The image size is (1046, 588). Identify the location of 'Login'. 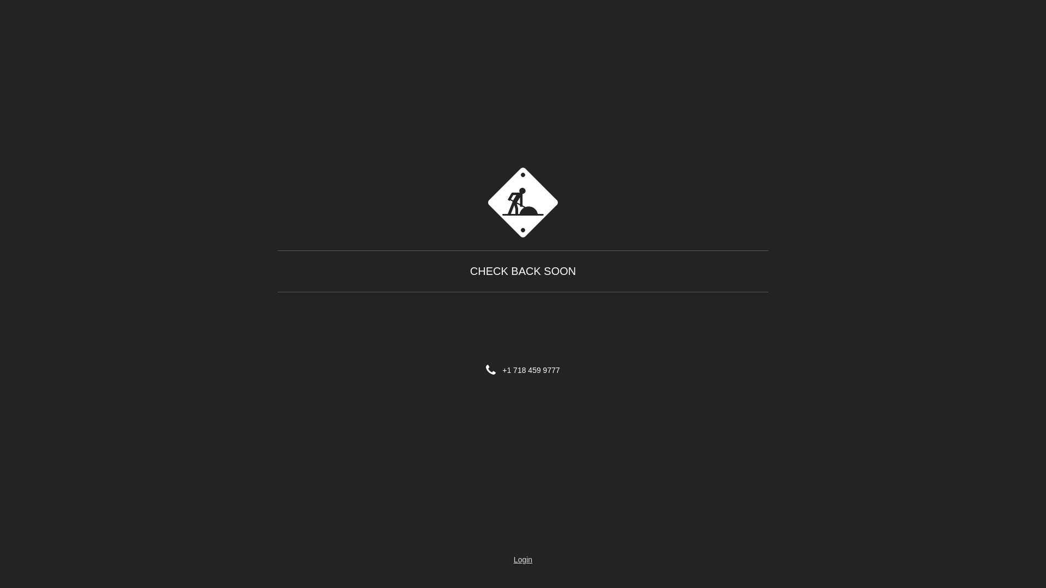
(523, 560).